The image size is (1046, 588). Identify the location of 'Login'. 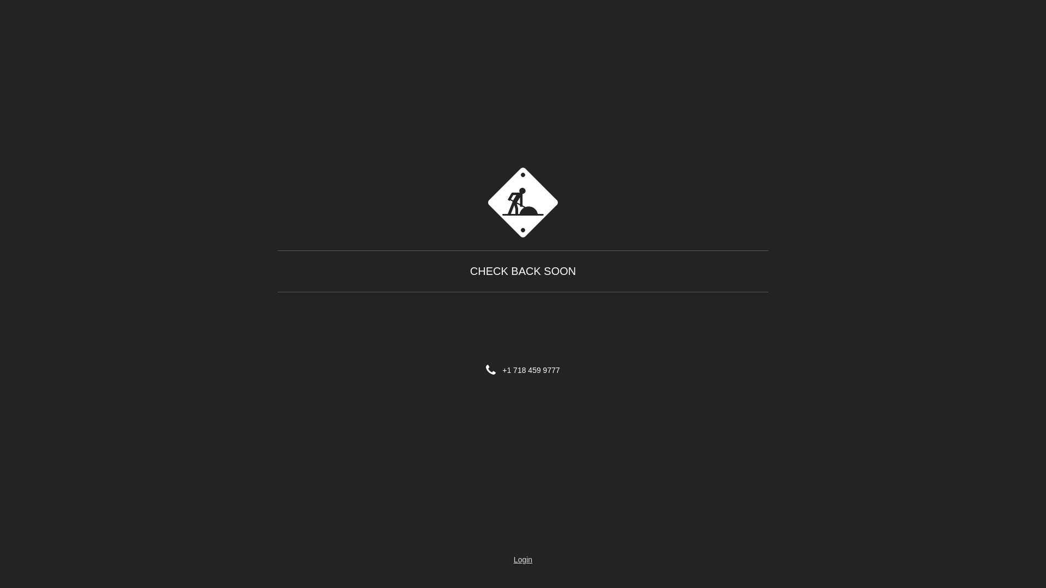
(523, 560).